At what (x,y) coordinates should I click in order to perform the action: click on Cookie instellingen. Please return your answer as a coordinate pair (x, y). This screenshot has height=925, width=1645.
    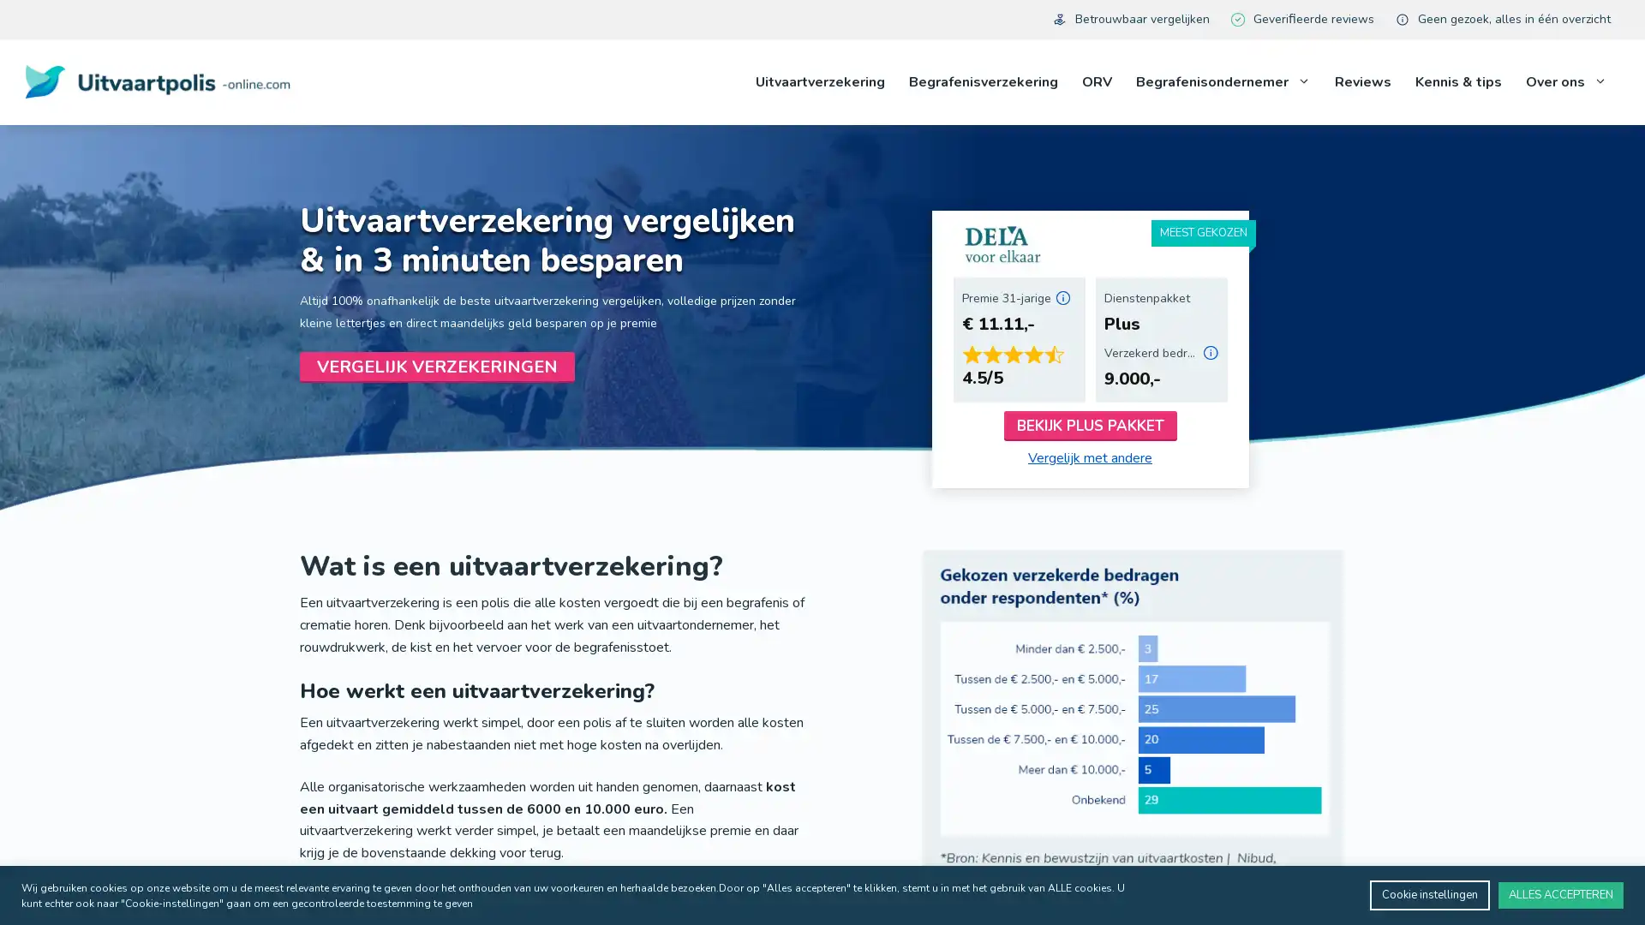
    Looking at the image, I should click on (1430, 894).